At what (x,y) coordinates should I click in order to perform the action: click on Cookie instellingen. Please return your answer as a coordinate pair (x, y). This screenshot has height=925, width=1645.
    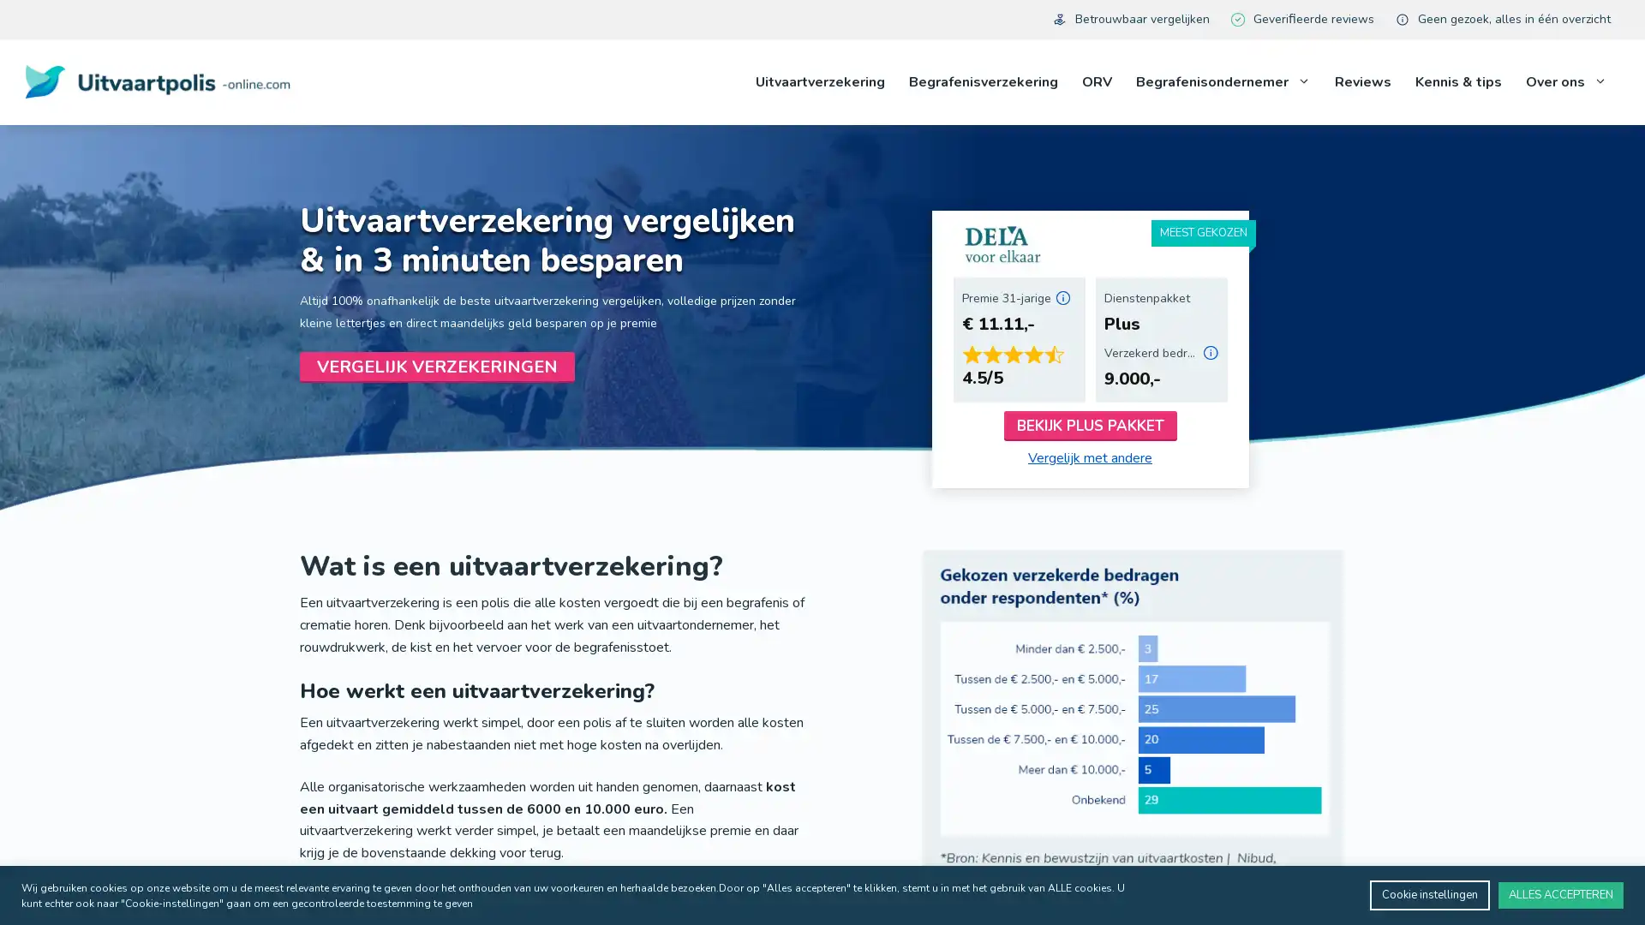
    Looking at the image, I should click on (1430, 894).